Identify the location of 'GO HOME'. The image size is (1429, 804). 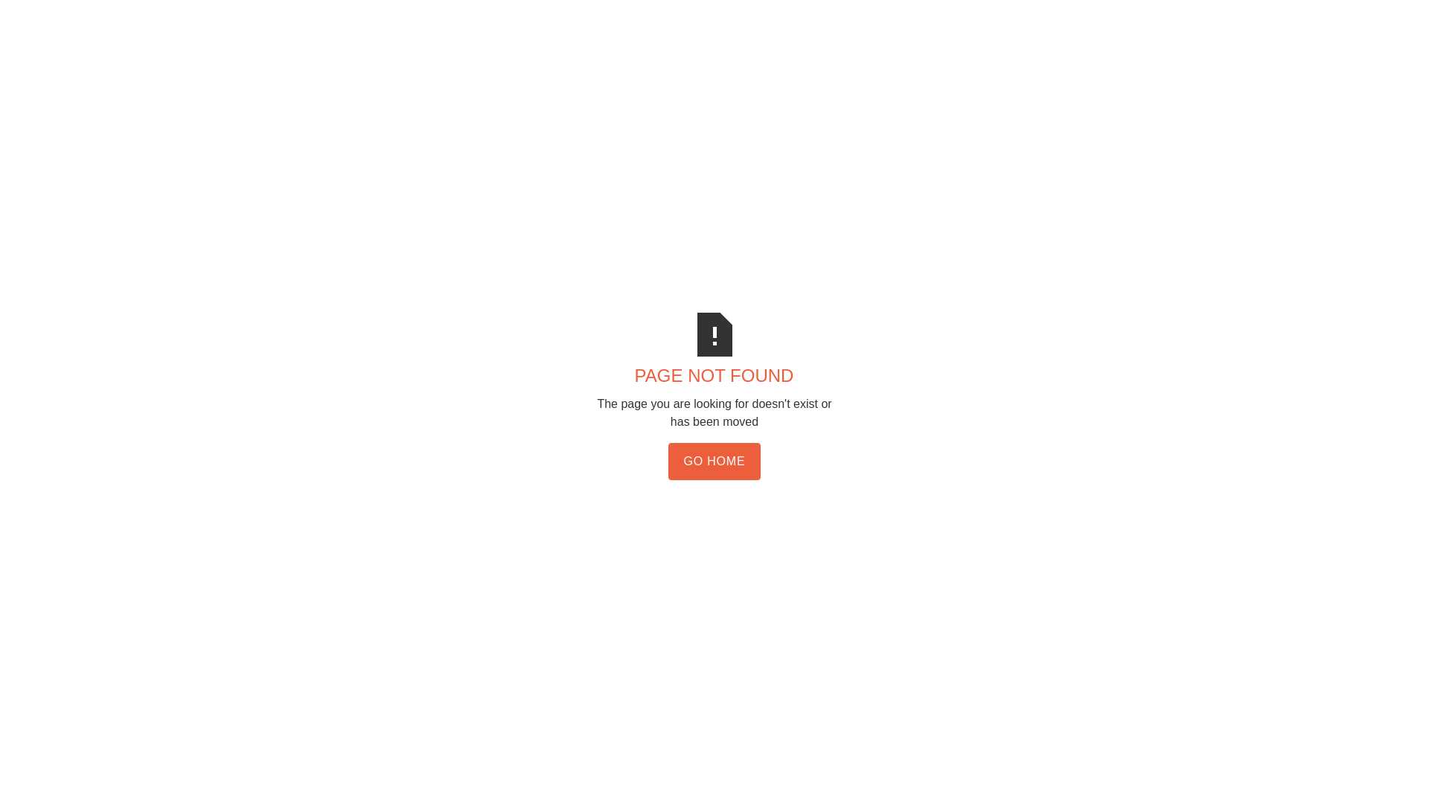
(714, 461).